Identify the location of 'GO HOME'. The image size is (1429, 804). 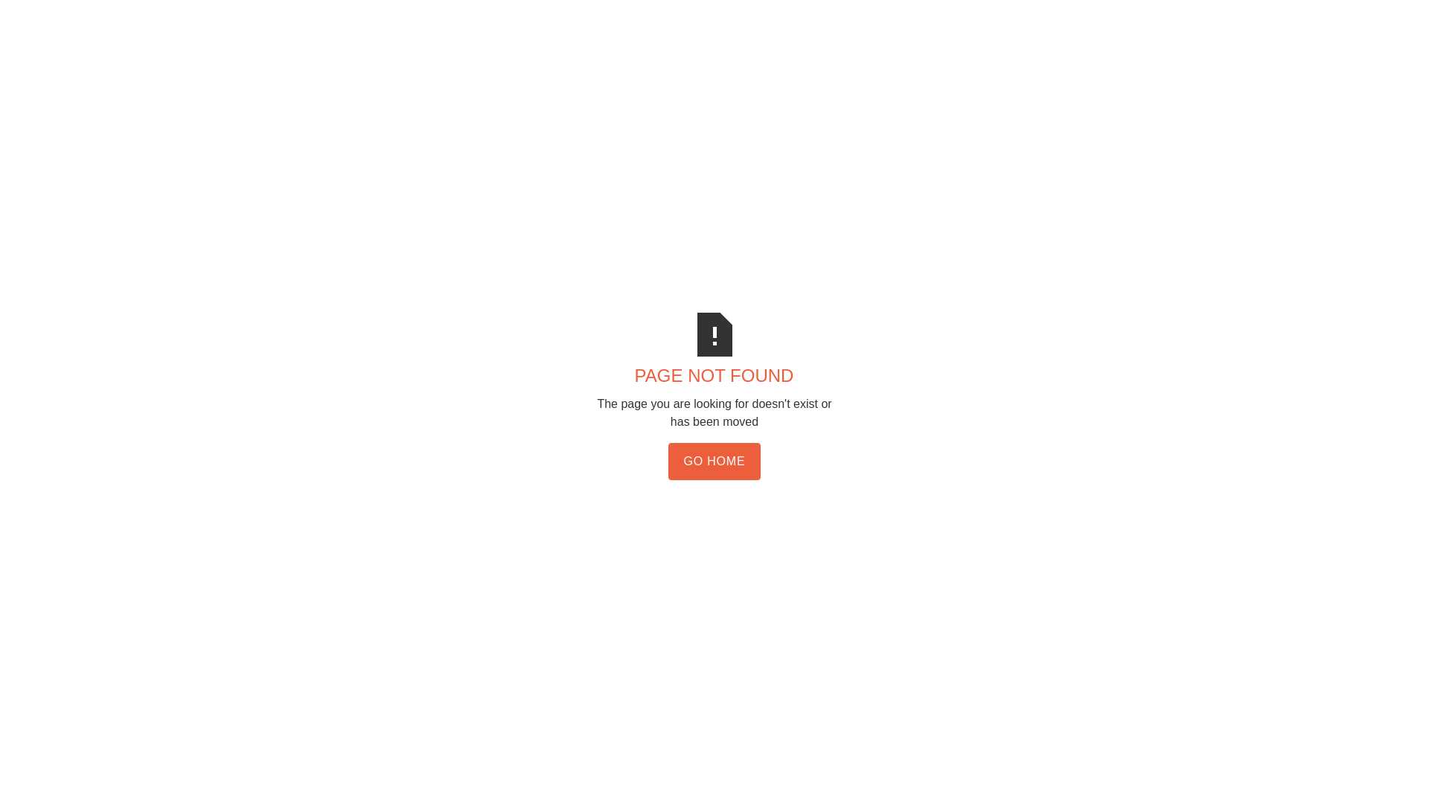
(714, 461).